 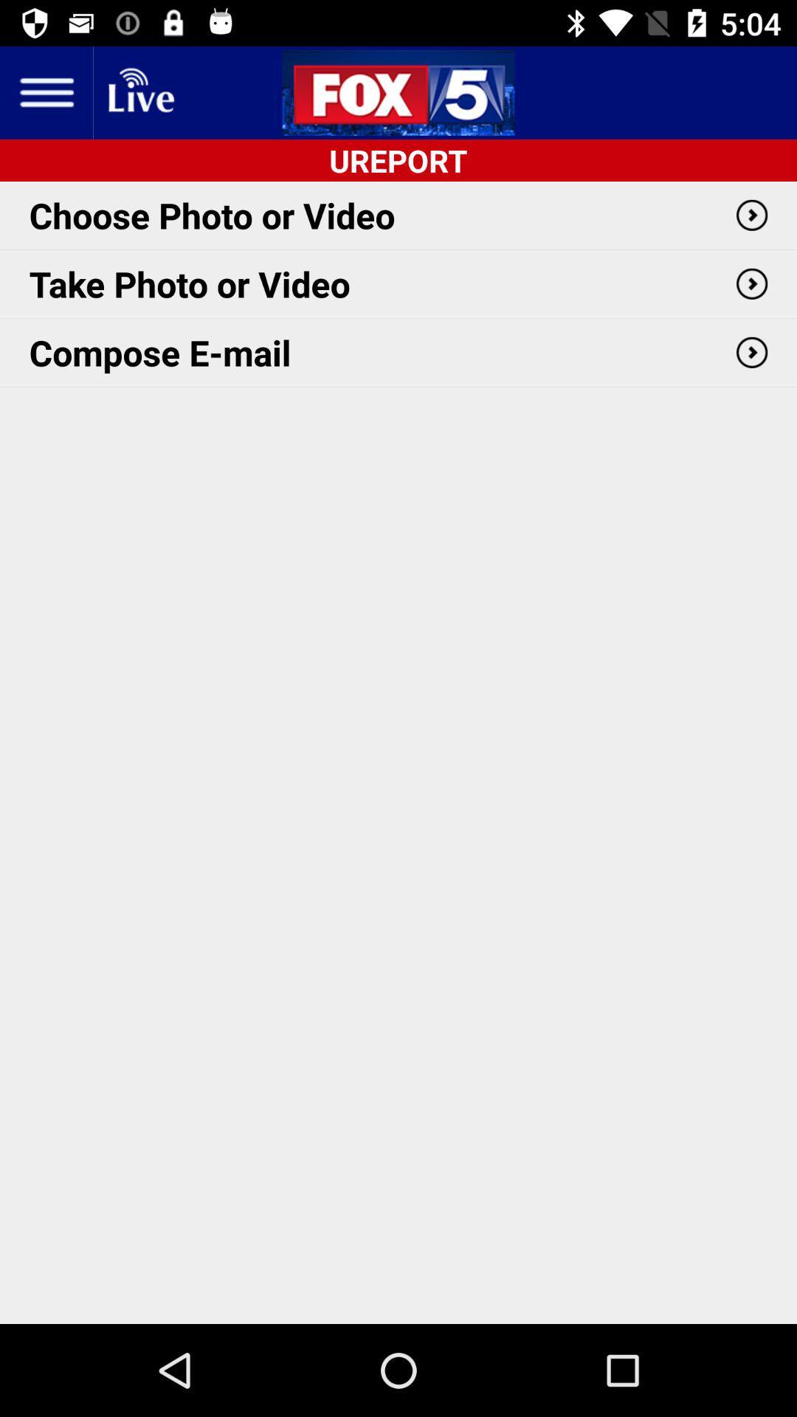 I want to click on the sliders icon, so click(x=398, y=92).